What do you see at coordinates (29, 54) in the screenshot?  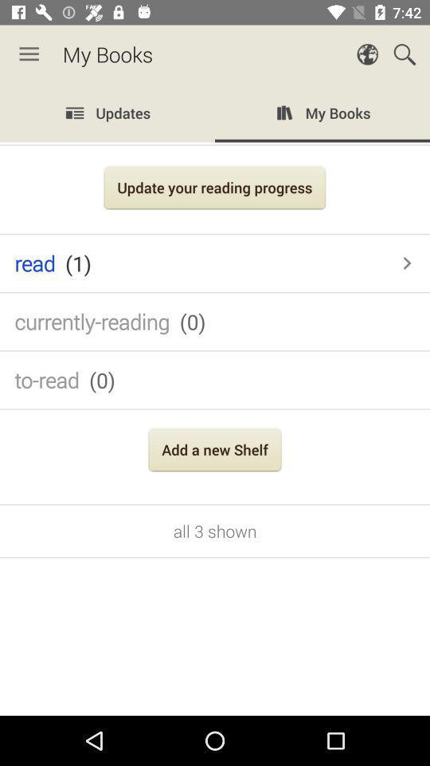 I see `app to the left of the my books item` at bounding box center [29, 54].